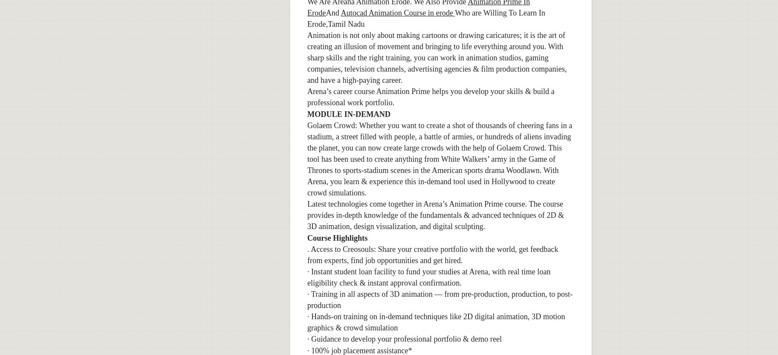 This screenshot has height=355, width=778. Describe the element at coordinates (337, 237) in the screenshot. I see `'Course Highlights'` at that location.